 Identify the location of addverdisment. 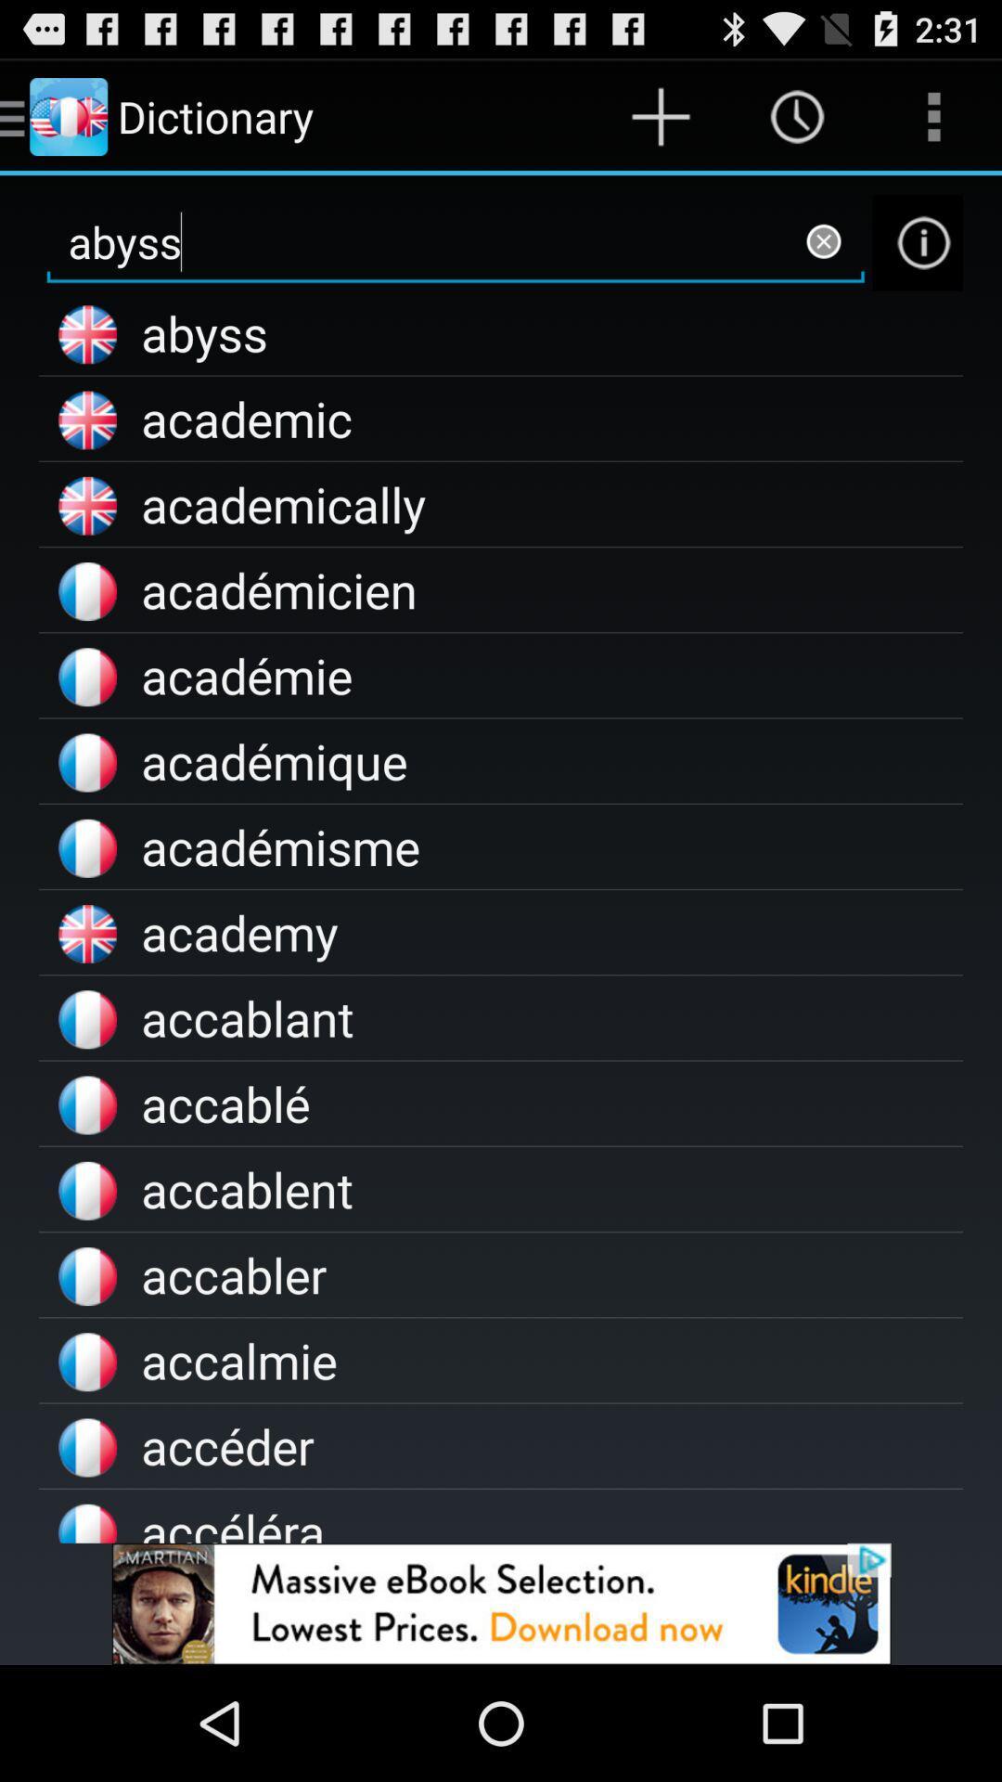
(501, 1603).